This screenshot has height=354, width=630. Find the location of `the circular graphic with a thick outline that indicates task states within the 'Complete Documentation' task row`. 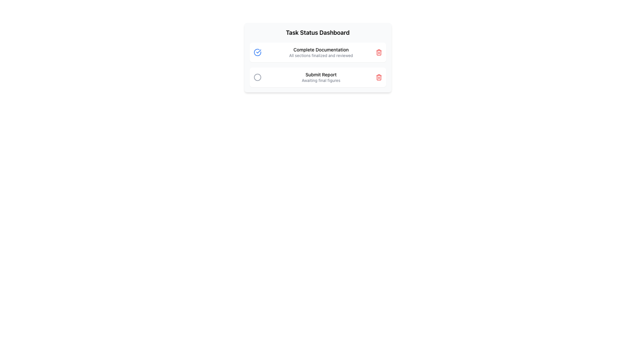

the circular graphic with a thick outline that indicates task states within the 'Complete Documentation' task row is located at coordinates (257, 52).